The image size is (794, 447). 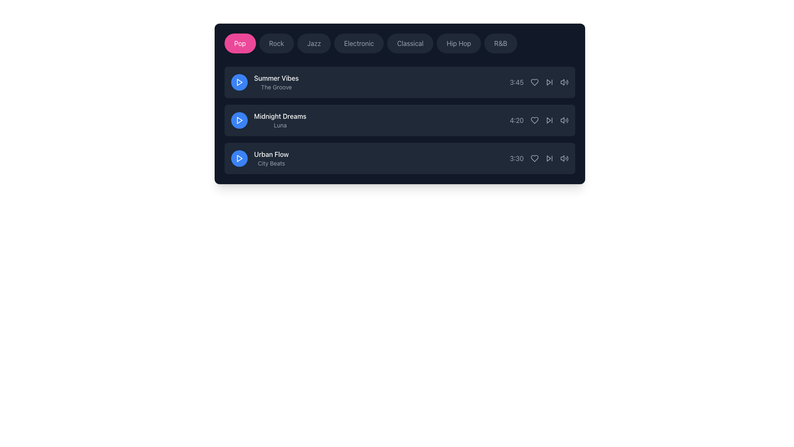 What do you see at coordinates (399, 120) in the screenshot?
I see `the list item displaying 'Midnight Dreams' with a dark background` at bounding box center [399, 120].